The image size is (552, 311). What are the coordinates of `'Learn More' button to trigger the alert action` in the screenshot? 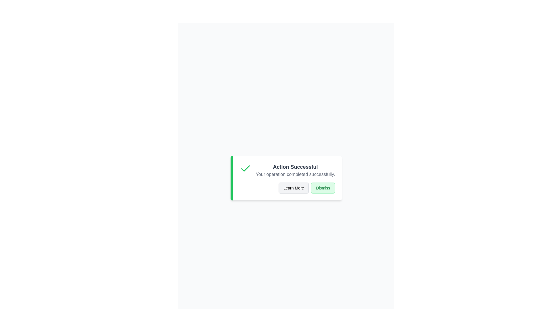 It's located at (294, 188).